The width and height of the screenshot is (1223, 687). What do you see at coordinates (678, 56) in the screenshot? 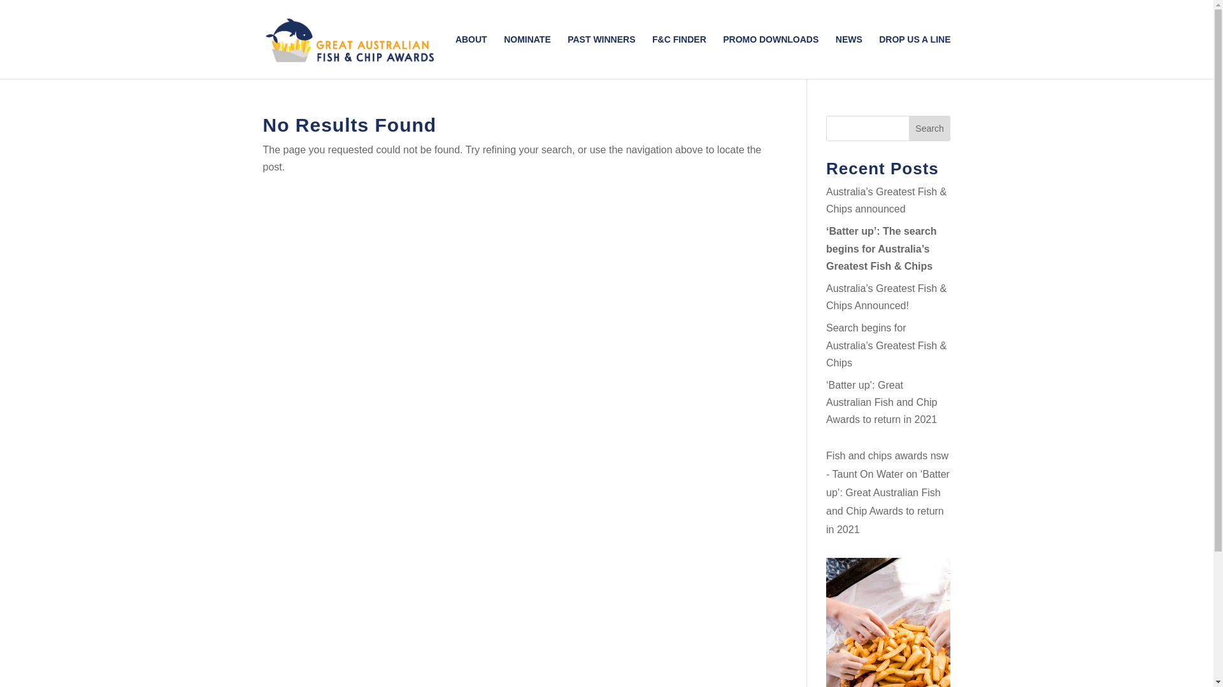
I see `'F&C FINDER'` at bounding box center [678, 56].